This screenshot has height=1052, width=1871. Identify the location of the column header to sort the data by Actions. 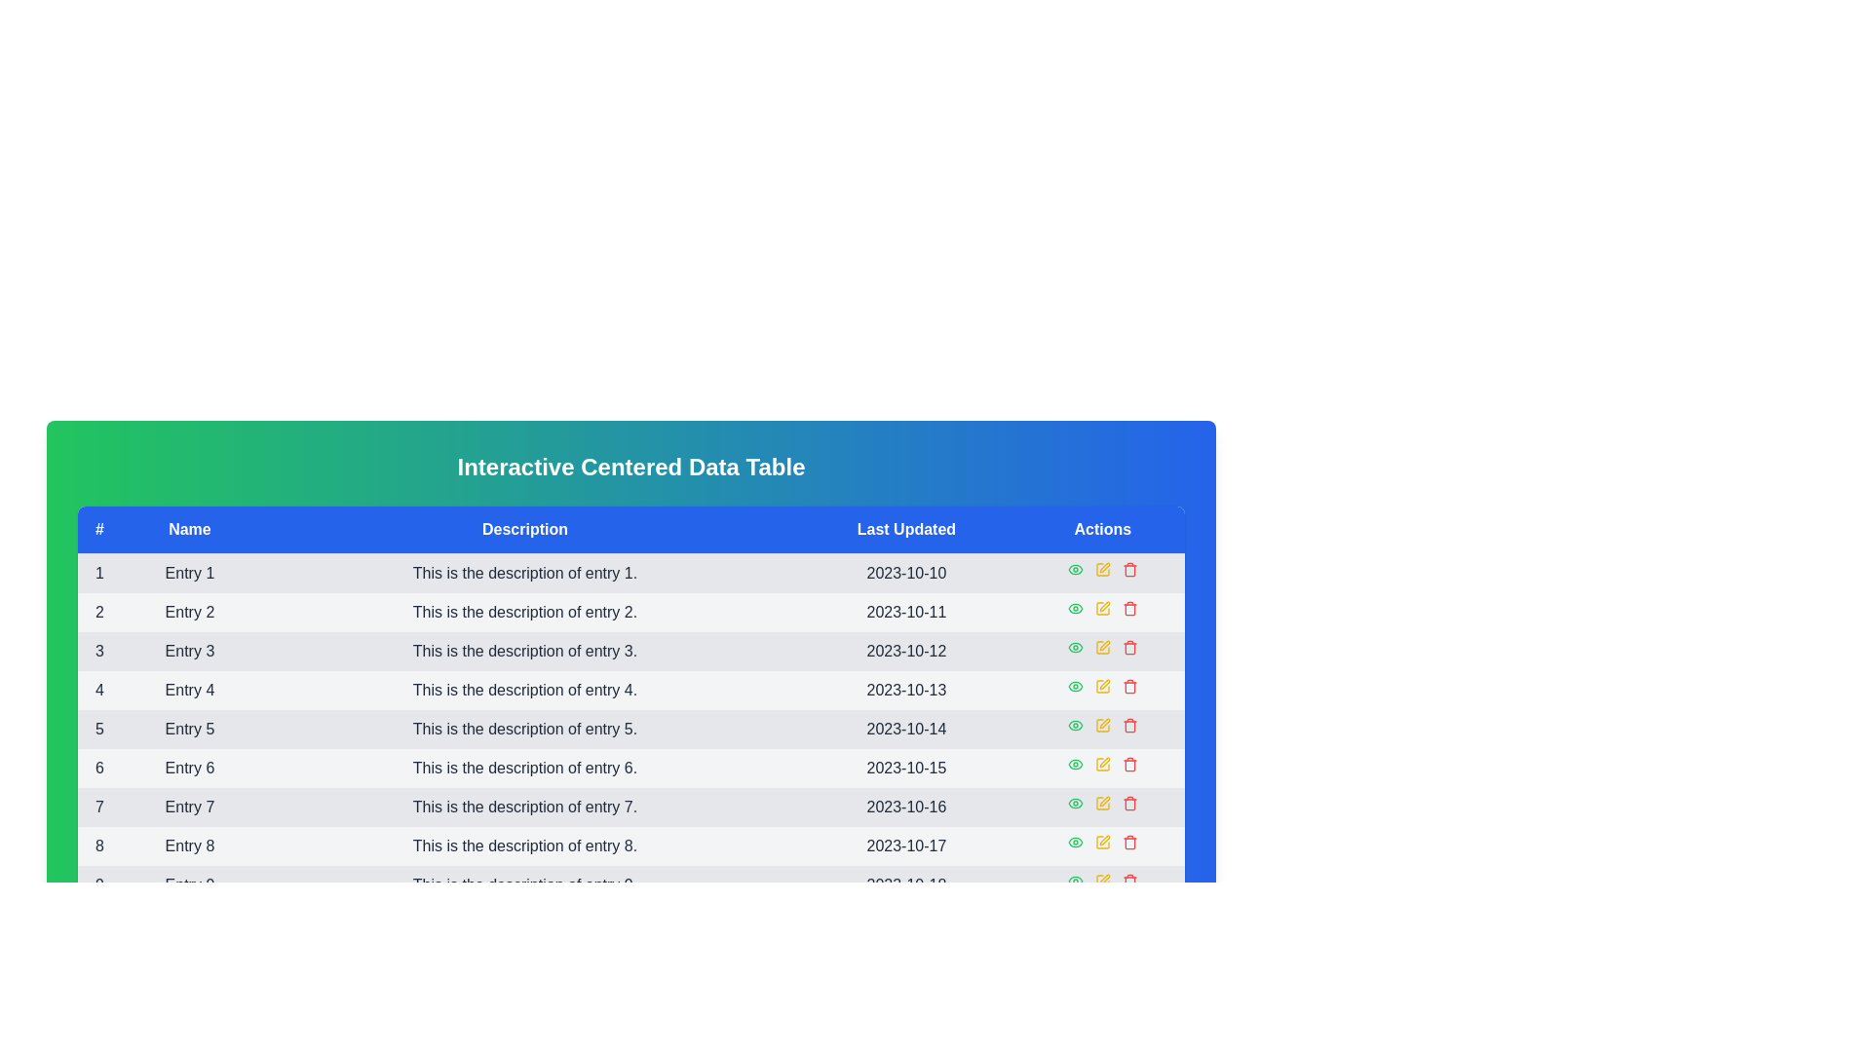
(1102, 530).